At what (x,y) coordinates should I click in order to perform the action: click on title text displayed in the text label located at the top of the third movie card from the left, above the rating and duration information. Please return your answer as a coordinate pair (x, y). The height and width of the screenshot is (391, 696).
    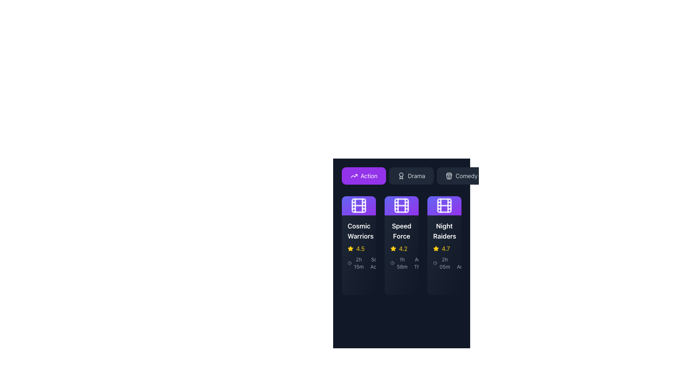
    Looking at the image, I should click on (444, 231).